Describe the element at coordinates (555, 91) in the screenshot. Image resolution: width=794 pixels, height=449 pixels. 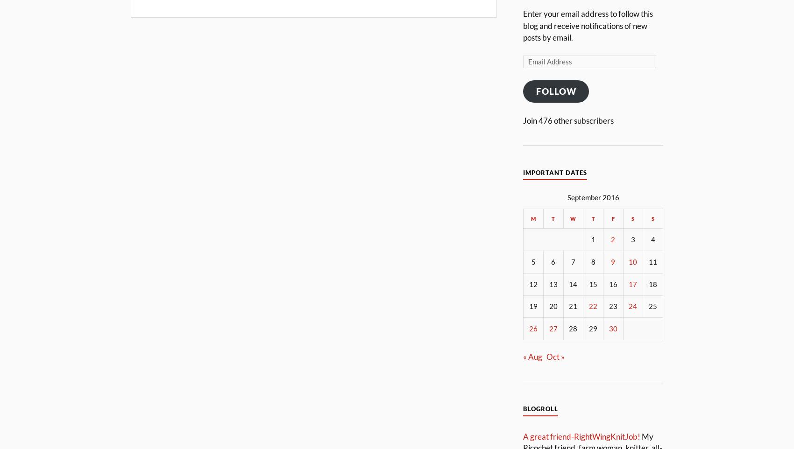
I see `'Follow'` at that location.